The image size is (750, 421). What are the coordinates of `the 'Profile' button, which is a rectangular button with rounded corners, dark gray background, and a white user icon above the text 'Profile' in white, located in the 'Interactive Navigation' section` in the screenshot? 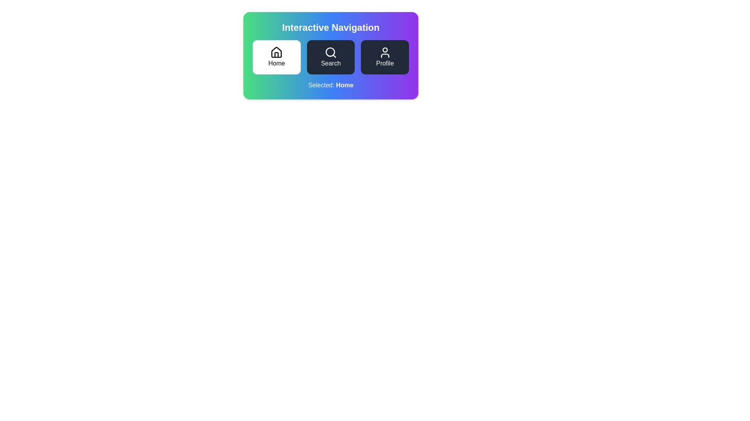 It's located at (385, 57).